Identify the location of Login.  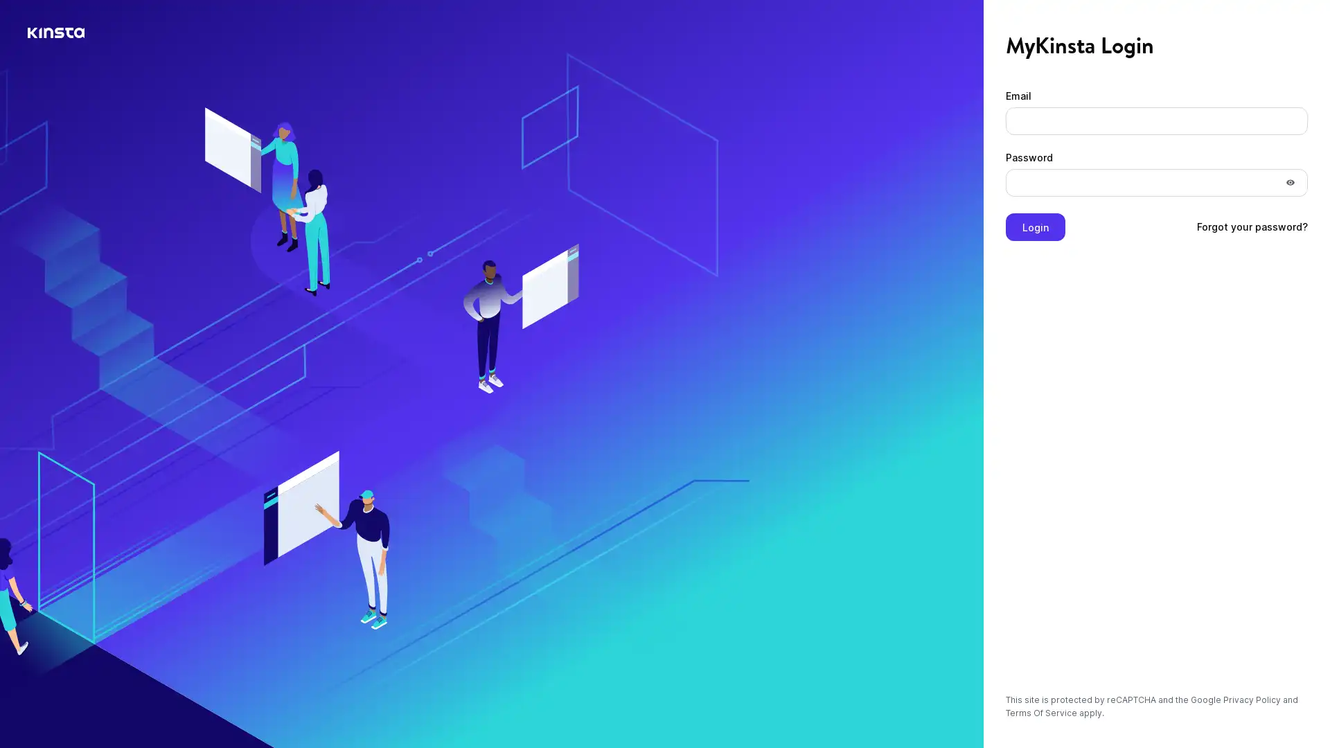
(1035, 226).